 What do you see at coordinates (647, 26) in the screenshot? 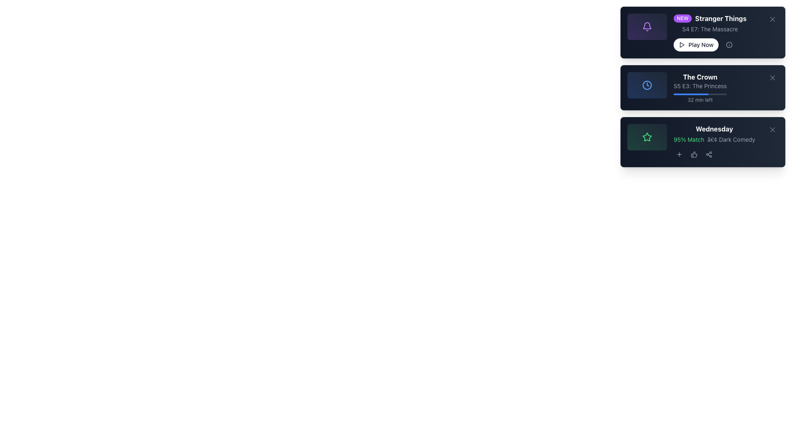
I see `the bell icon with a purple stroke and hollow appearance located in the topmost dark rectangle` at bounding box center [647, 26].